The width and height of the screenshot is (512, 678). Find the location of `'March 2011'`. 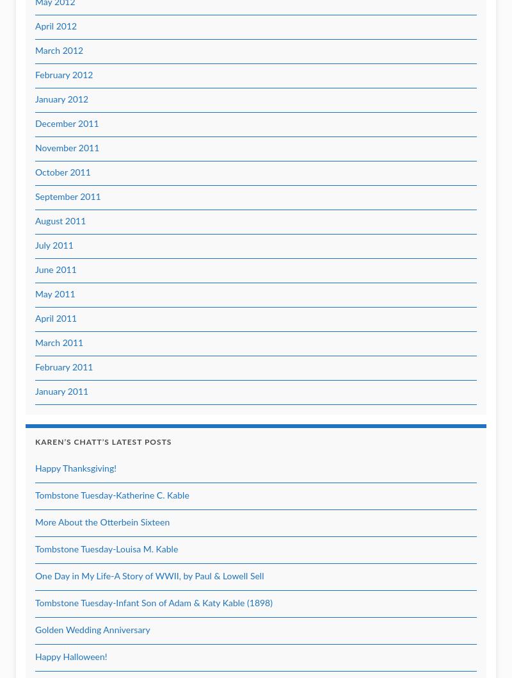

'March 2011' is located at coordinates (59, 343).